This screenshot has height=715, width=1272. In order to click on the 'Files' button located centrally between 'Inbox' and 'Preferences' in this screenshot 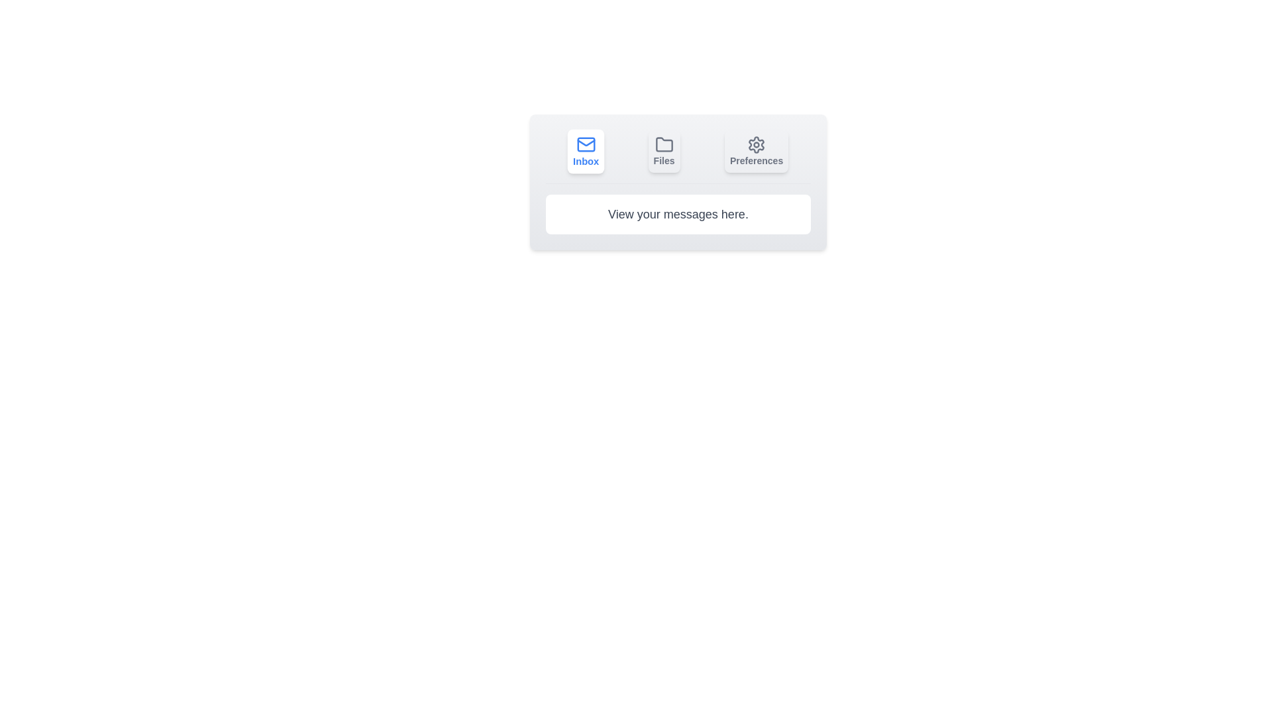, I will do `click(664, 150)`.